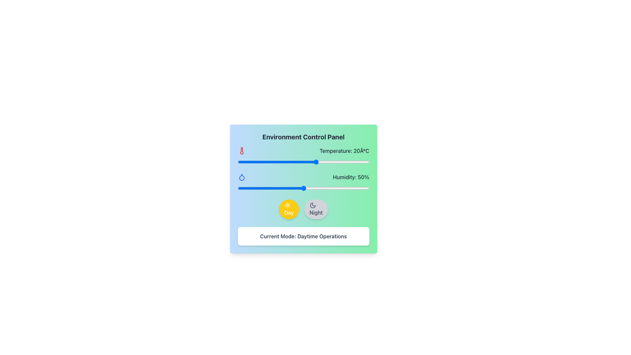 The image size is (631, 355). What do you see at coordinates (243, 162) in the screenshot?
I see `the temperature` at bounding box center [243, 162].